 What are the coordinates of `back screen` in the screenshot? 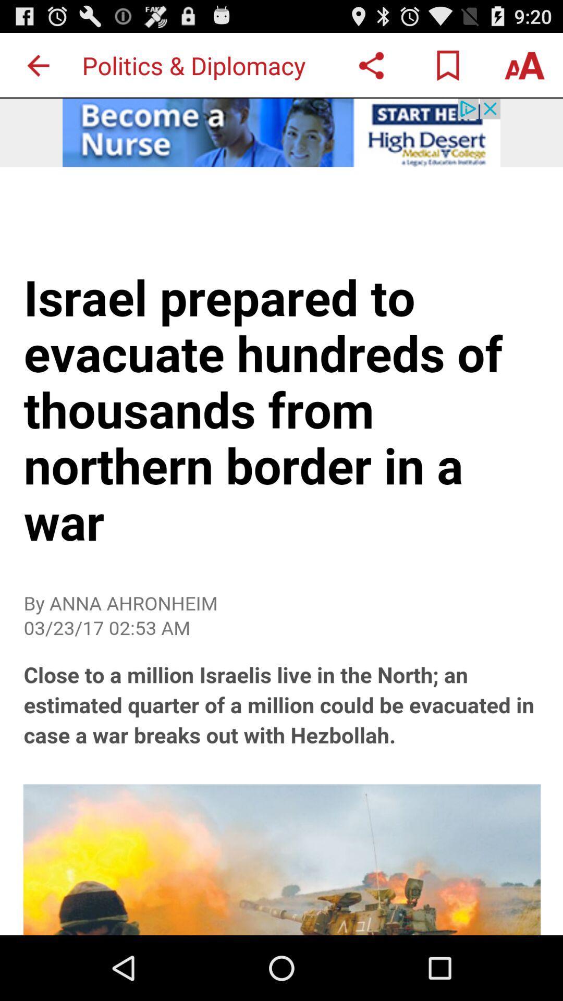 It's located at (38, 65).